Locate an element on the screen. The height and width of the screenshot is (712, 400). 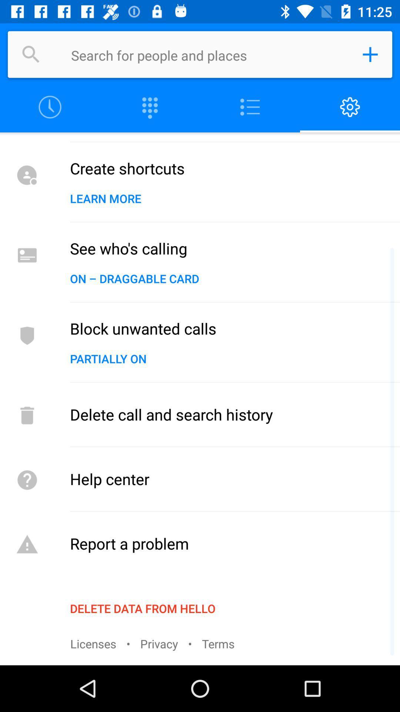
open dial pad is located at coordinates (150, 107).